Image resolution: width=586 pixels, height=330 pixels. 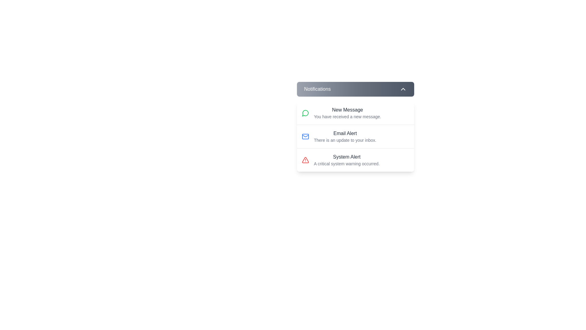 What do you see at coordinates (355, 159) in the screenshot?
I see `the warning notification titled 'System Alert' by clicking on it` at bounding box center [355, 159].